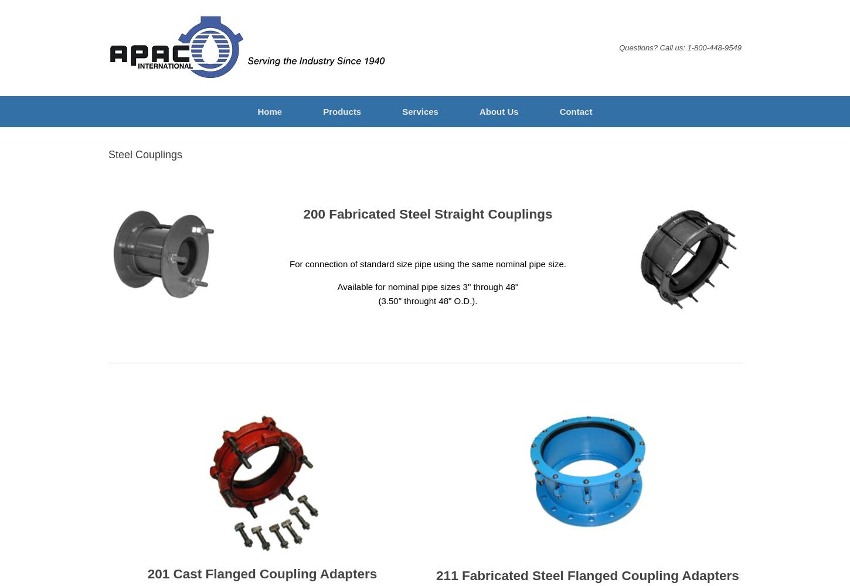  I want to click on 'For connection of standard size pipe using the same nominal pipe size.', so click(290, 263).